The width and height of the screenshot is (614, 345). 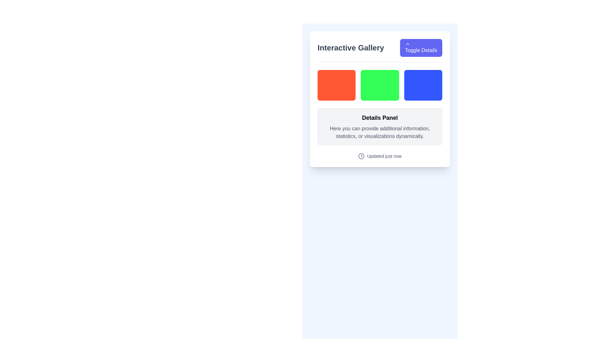 What do you see at coordinates (407, 44) in the screenshot?
I see `the upward chevron icon inside the 'Toggle Details' button` at bounding box center [407, 44].